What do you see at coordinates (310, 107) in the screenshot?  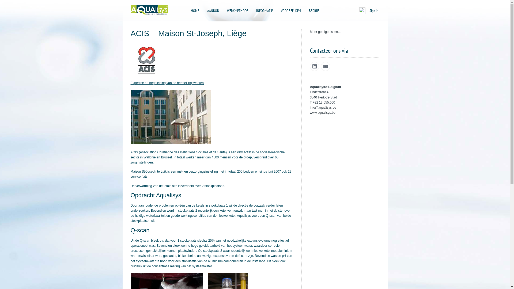 I see `'info@aqualisys.be'` at bounding box center [310, 107].